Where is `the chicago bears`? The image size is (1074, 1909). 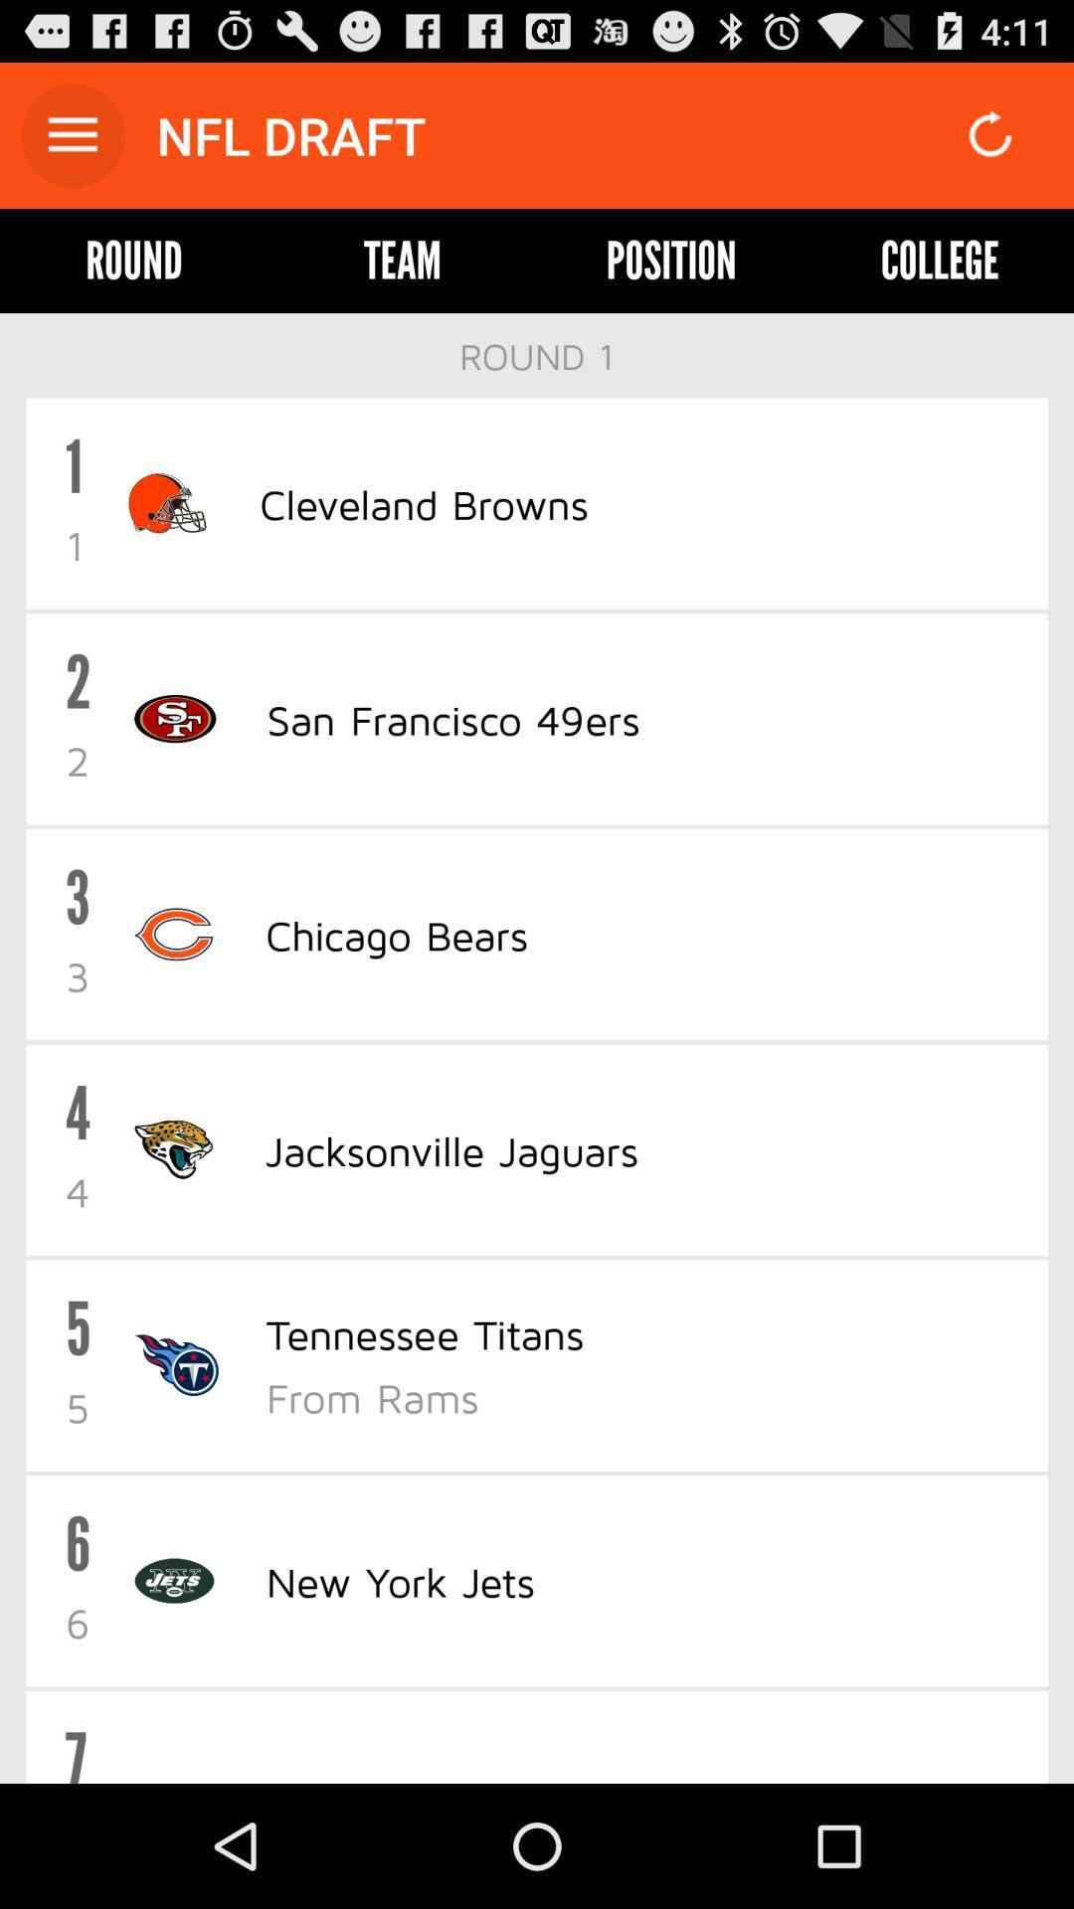 the chicago bears is located at coordinates (396, 934).